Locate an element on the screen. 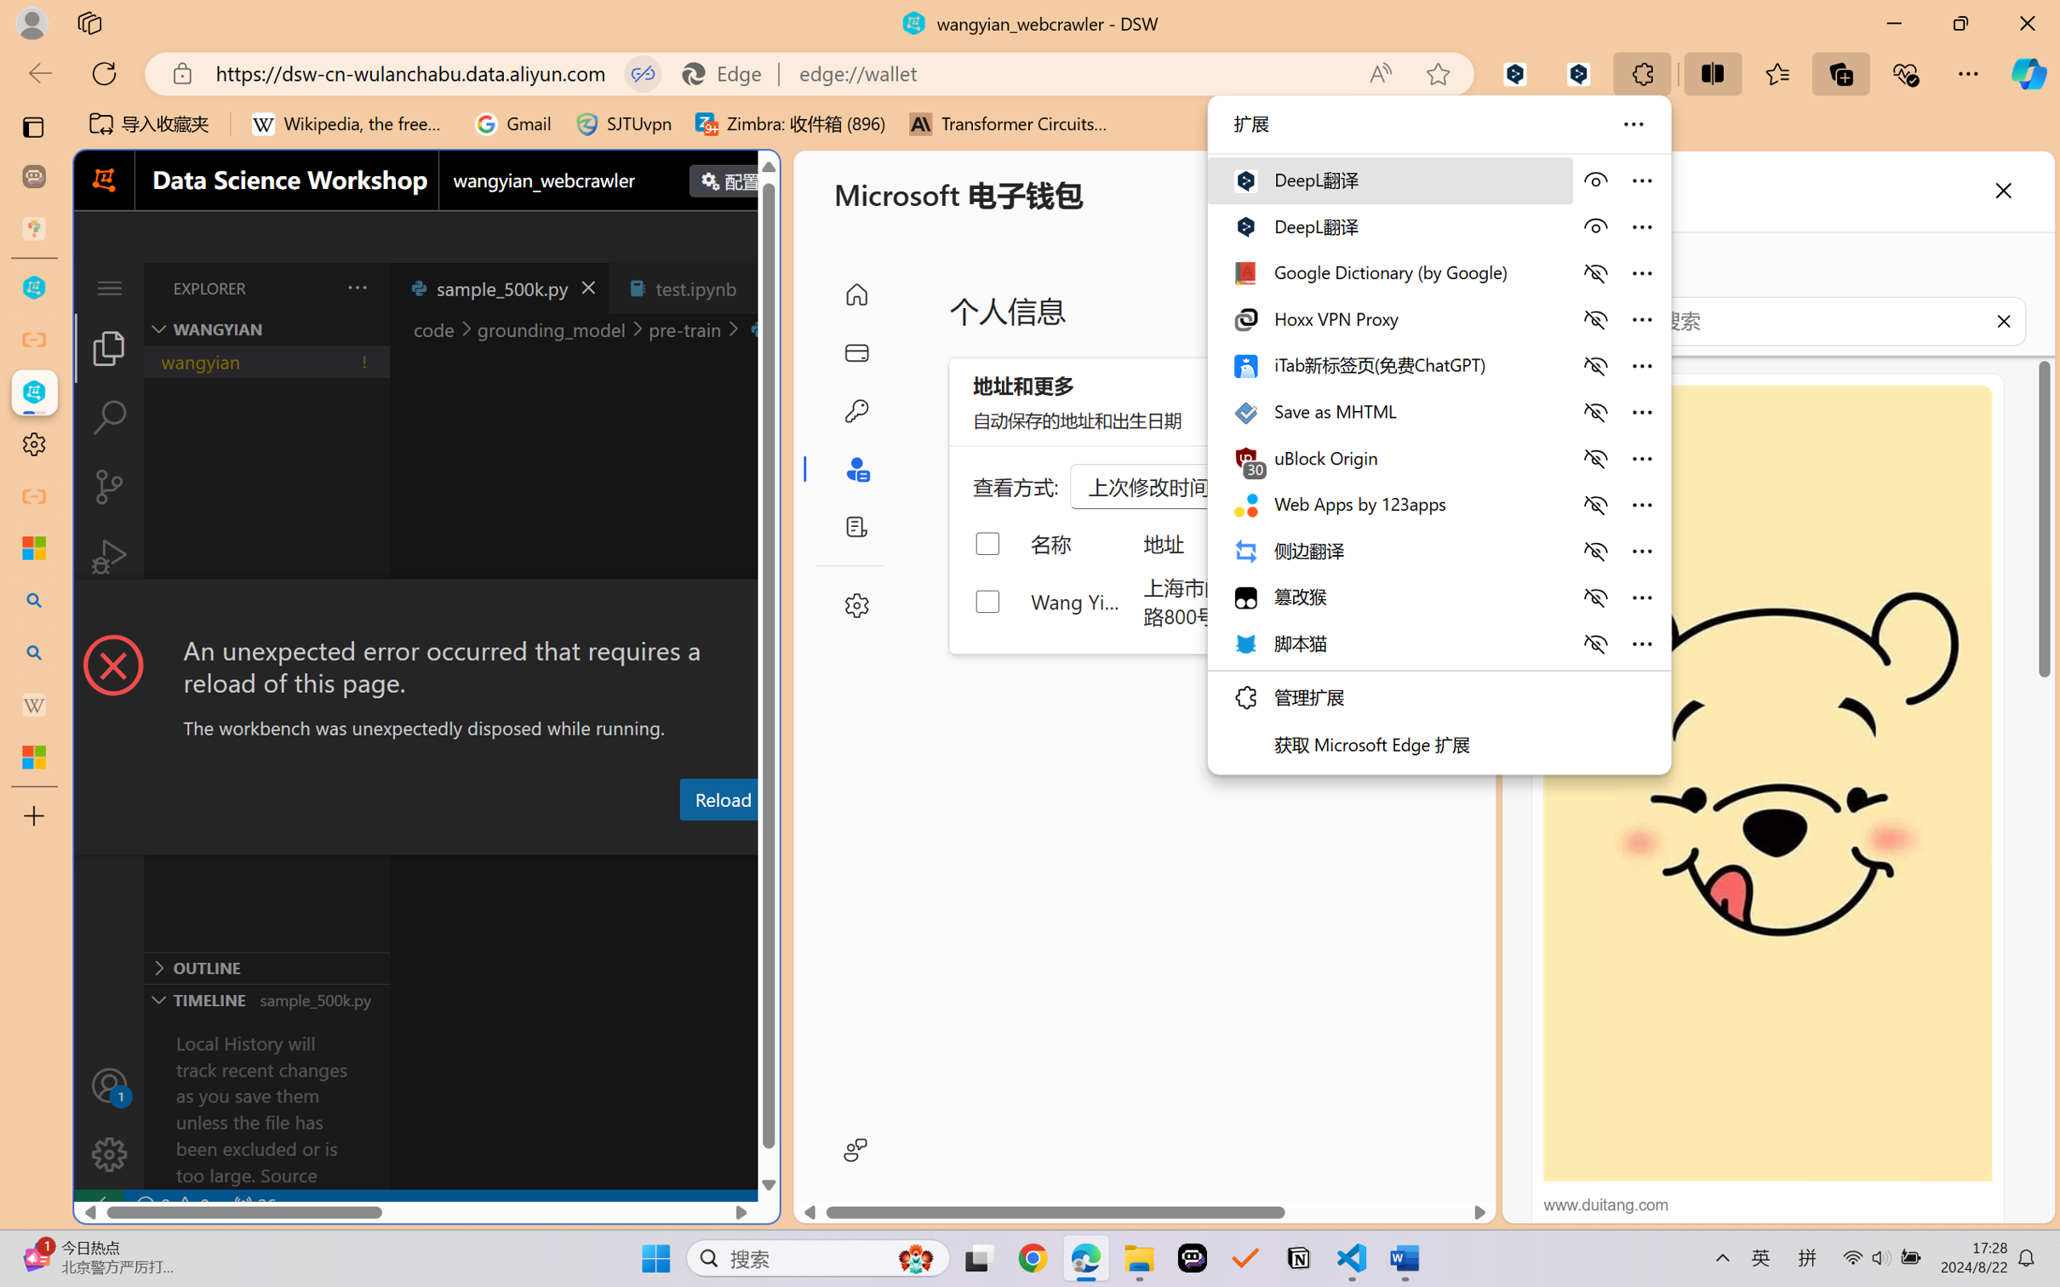  'Explorer actions' is located at coordinates (314, 287).